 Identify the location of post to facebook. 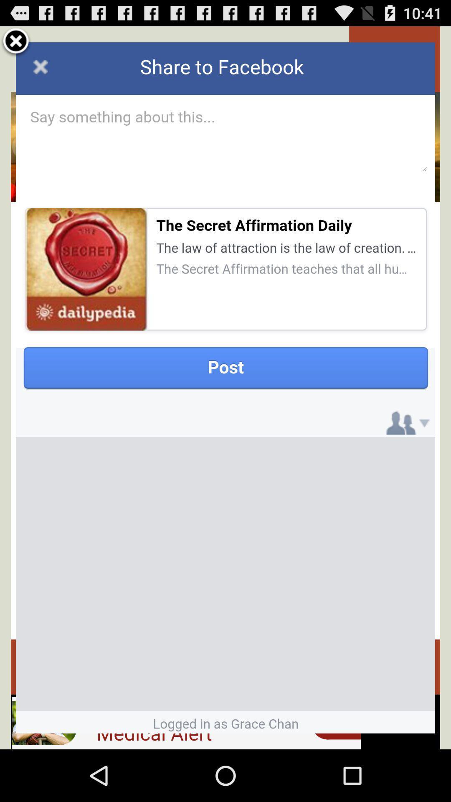
(225, 387).